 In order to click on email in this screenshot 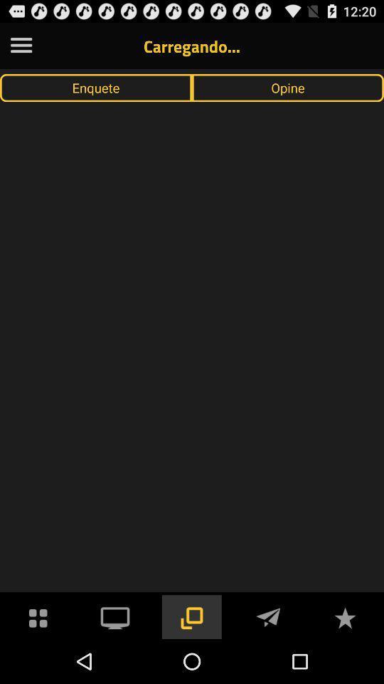, I will do `click(268, 616)`.